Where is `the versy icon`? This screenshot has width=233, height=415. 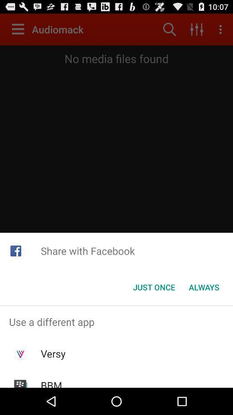 the versy icon is located at coordinates (53, 354).